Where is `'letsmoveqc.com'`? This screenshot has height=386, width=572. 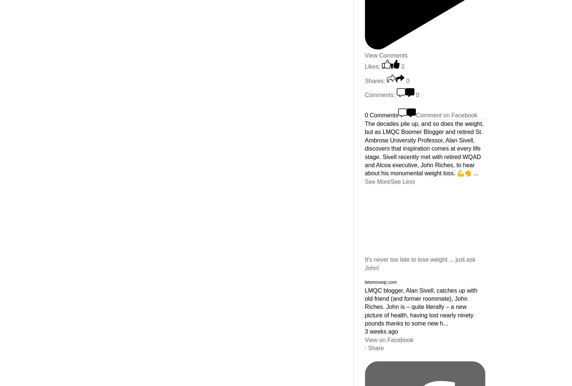 'letsmoveqc.com' is located at coordinates (380, 282).